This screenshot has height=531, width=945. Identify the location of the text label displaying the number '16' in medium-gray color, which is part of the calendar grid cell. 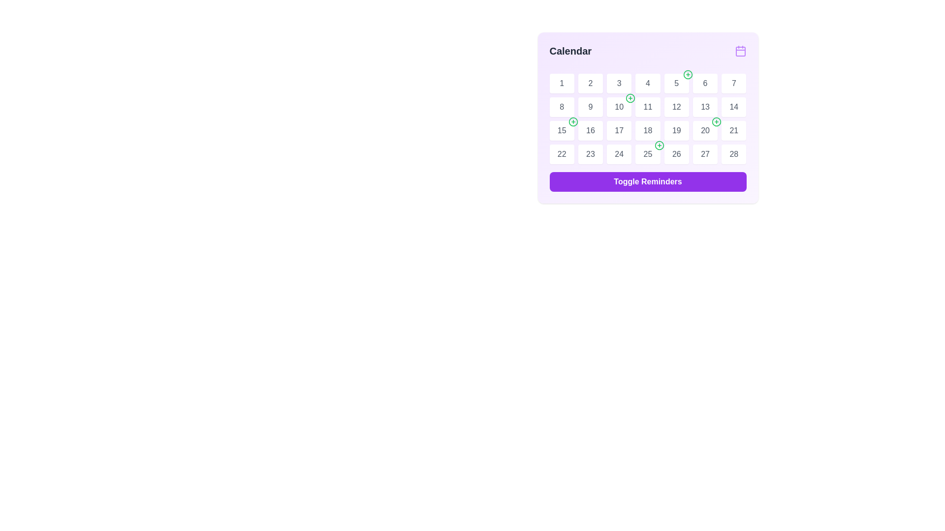
(591, 130).